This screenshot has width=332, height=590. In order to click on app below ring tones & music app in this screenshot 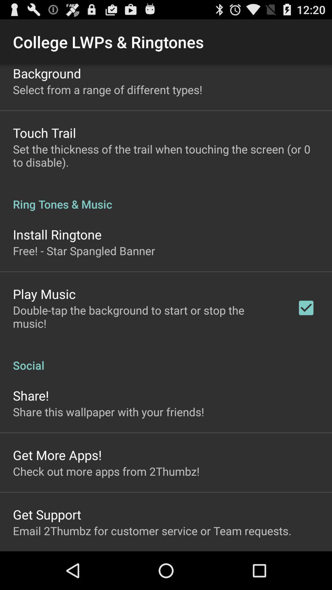, I will do `click(306, 308)`.